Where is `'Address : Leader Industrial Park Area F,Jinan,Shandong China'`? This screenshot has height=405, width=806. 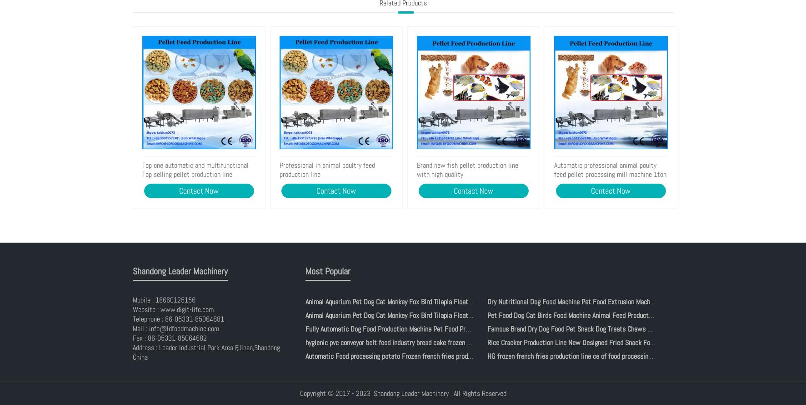
'Address : Leader Industrial Park Area F,Jinan,Shandong China' is located at coordinates (205, 351).